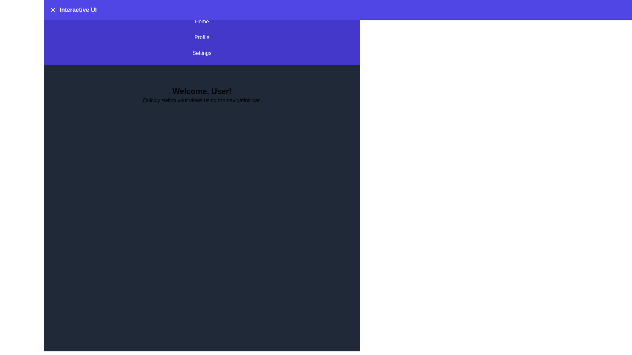 Image resolution: width=632 pixels, height=355 pixels. I want to click on the header title labeled 'Interactive UI', so click(78, 10).